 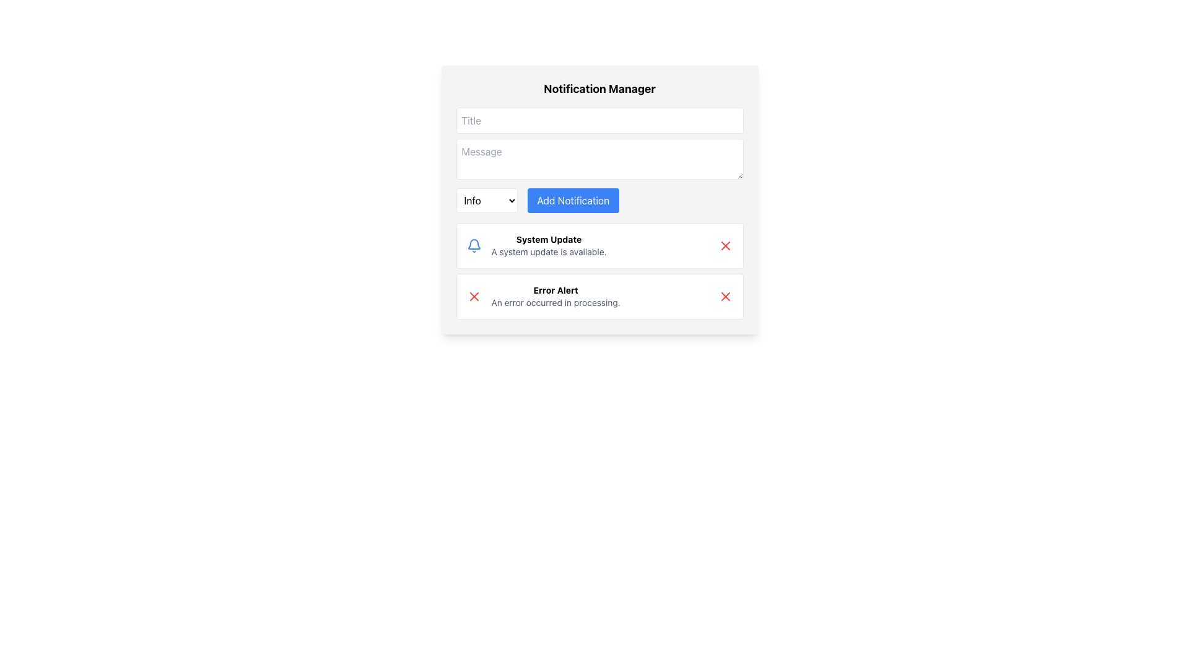 What do you see at coordinates (599, 88) in the screenshot?
I see `text from the header Text Label located at the top-center of the interface, which serves as a descriptive title for the section` at bounding box center [599, 88].